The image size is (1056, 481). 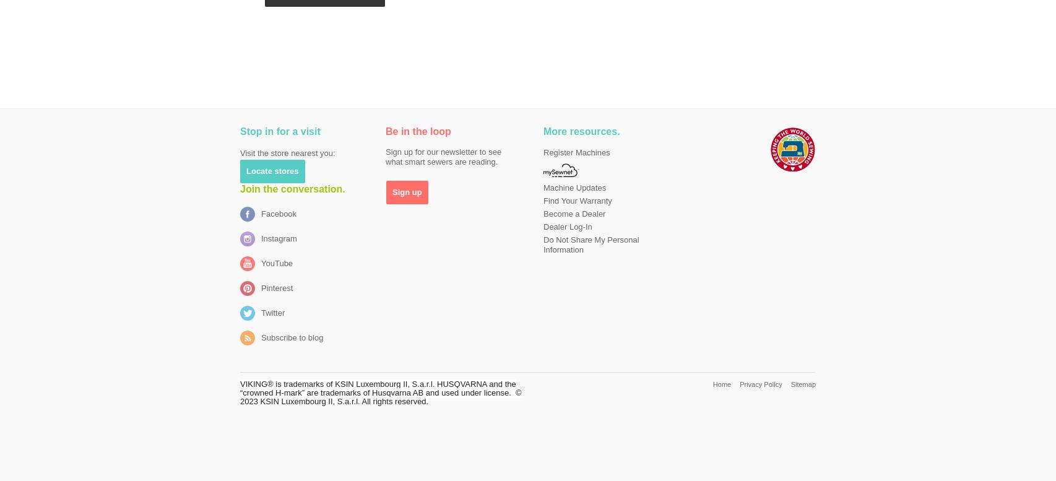 What do you see at coordinates (287, 153) in the screenshot?
I see `'Visit the store nearest you:'` at bounding box center [287, 153].